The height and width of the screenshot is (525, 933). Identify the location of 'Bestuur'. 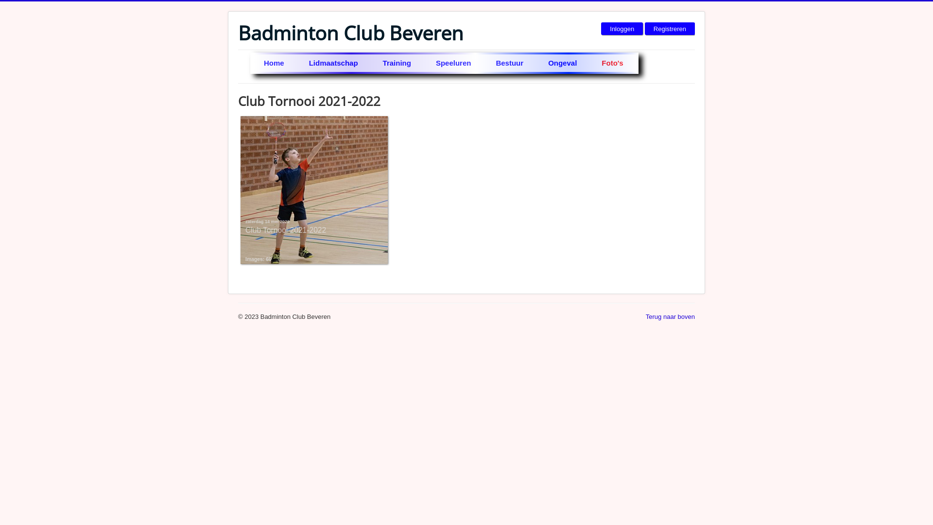
(510, 63).